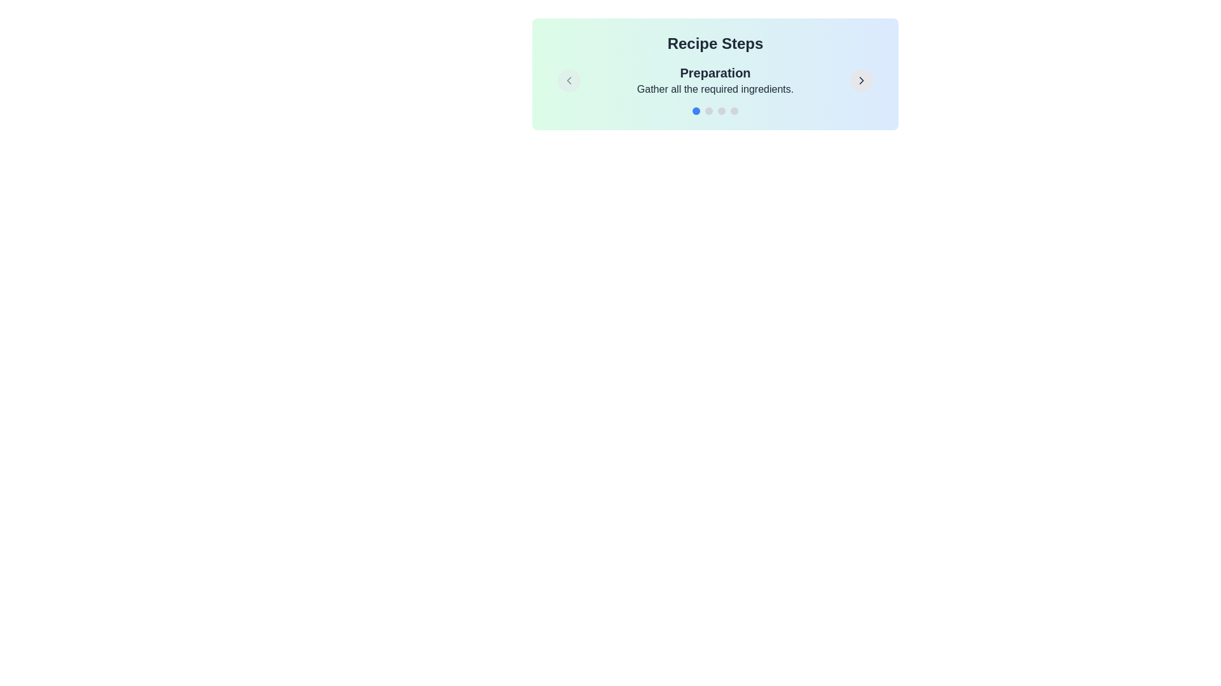  What do you see at coordinates (715, 81) in the screenshot?
I see `the static text element titled 'Preparation' that provides the description 'Gather all the required ingredients.' for accessibility options` at bounding box center [715, 81].